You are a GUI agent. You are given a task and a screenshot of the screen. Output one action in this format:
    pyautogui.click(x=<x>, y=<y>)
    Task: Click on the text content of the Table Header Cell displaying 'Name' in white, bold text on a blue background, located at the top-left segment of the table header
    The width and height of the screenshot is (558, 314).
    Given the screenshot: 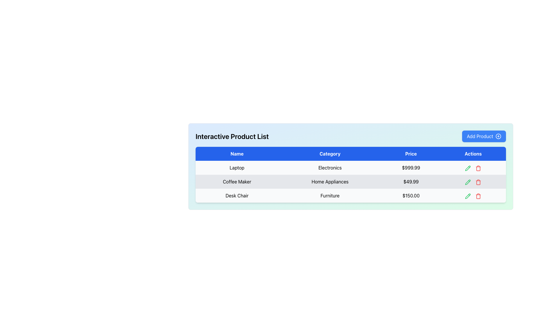 What is the action you would take?
    pyautogui.click(x=237, y=153)
    